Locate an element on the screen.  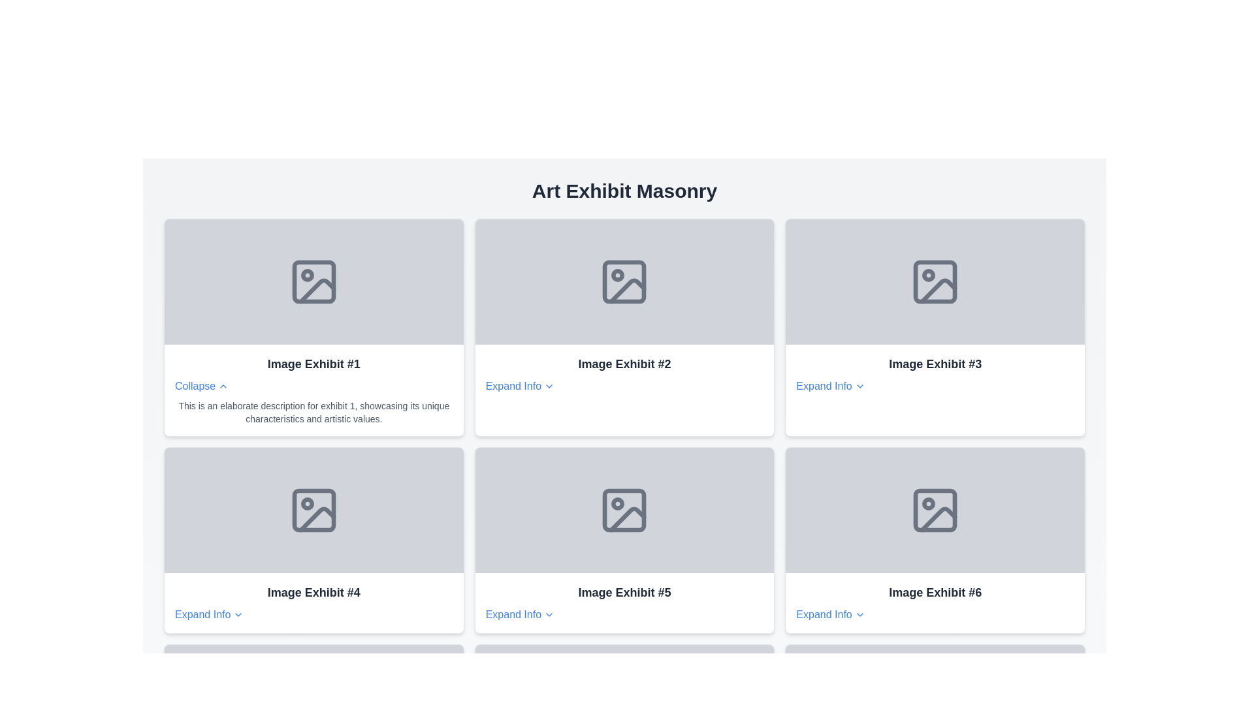
the Decorative graphic element, which is a grayscale icon-like graphic representing a photo frame, located in the second row and middle column of the 'Image Exhibit #5' card is located at coordinates (628, 518).